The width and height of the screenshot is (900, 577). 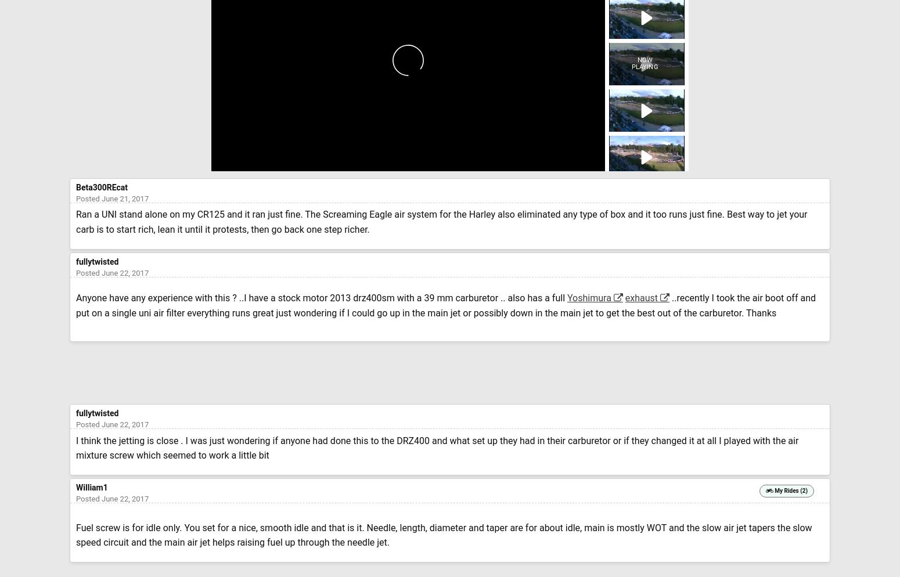 What do you see at coordinates (589, 298) in the screenshot?
I see `'Yoshimura'` at bounding box center [589, 298].